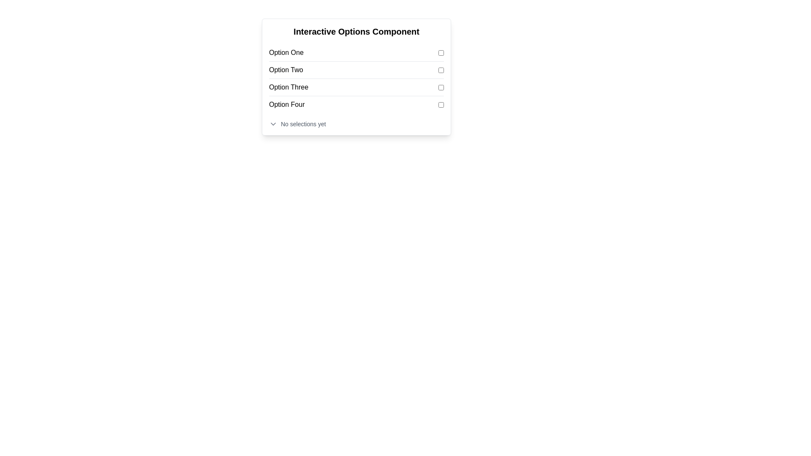 The image size is (811, 456). I want to click on the SVG Icon located to the left of the text 'No selections yet', so click(273, 124).